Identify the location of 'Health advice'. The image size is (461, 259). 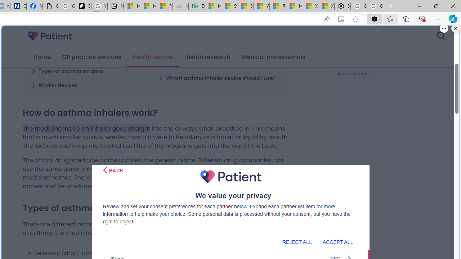
(152, 57).